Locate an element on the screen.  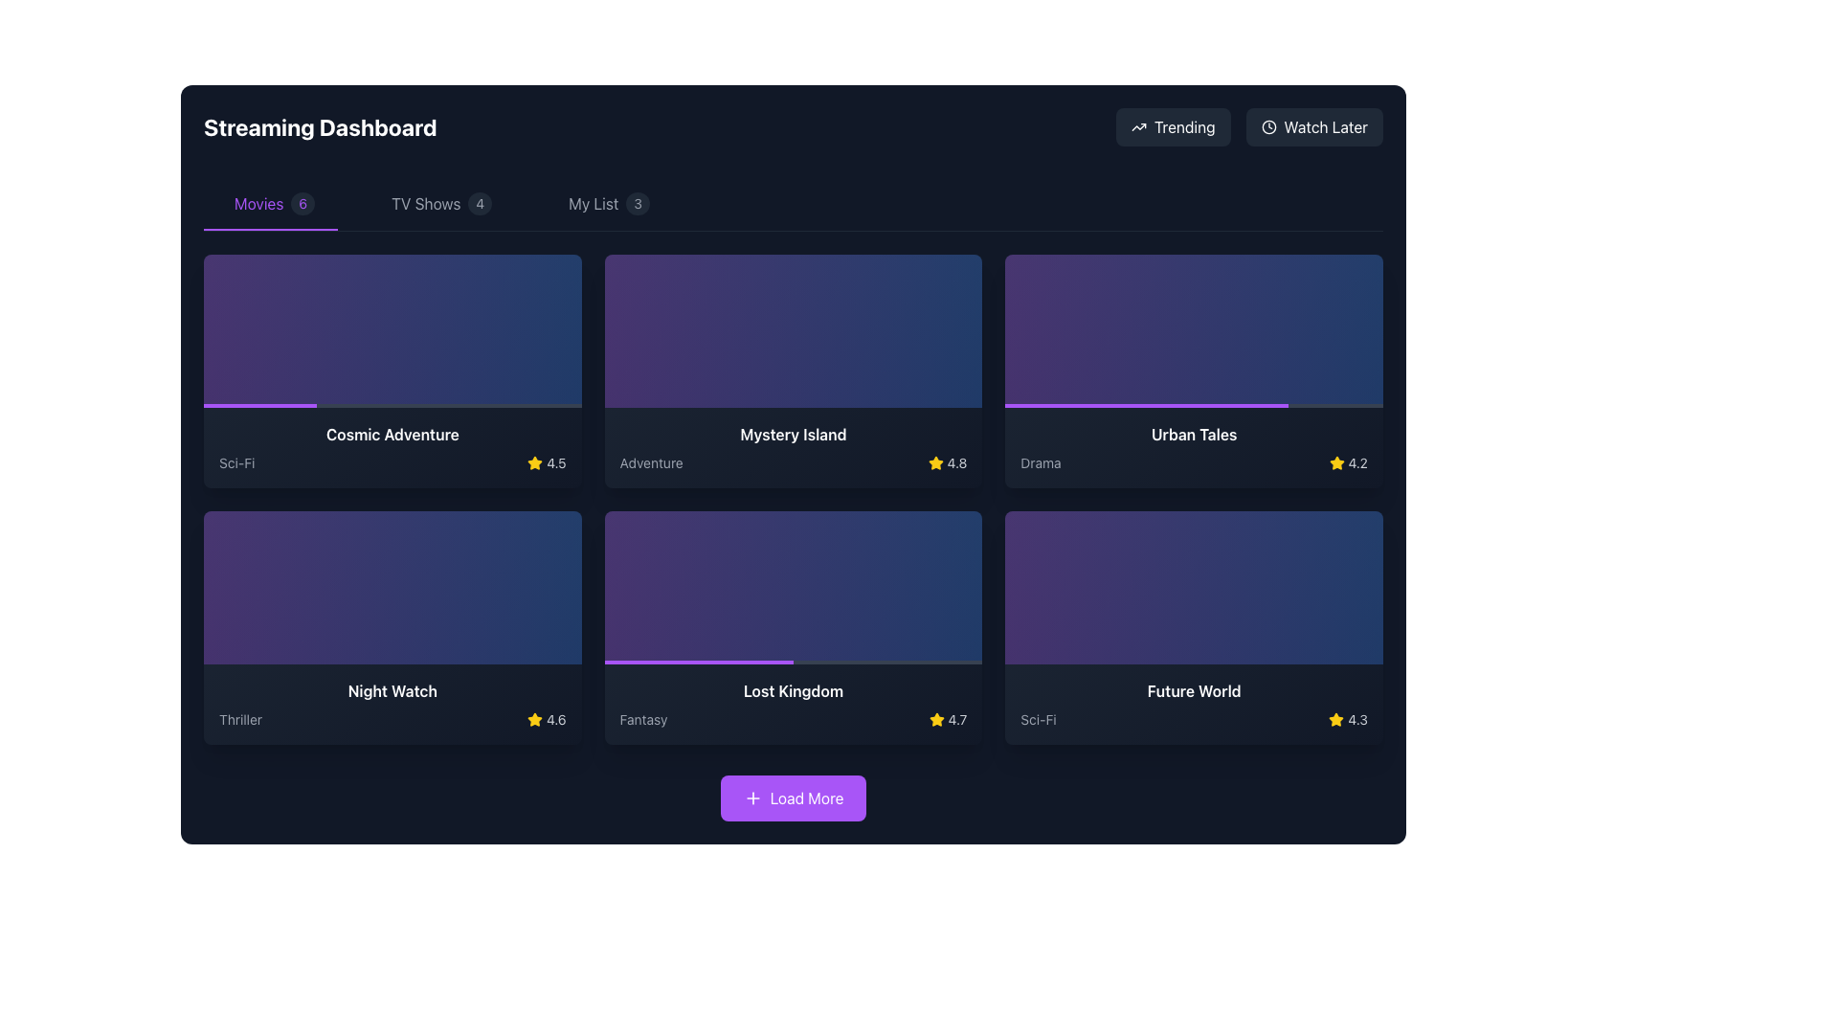
the 'Watch Later' text label located in the top-right section of the interface, adjacent to the 'Trending' button is located at coordinates (1325, 126).